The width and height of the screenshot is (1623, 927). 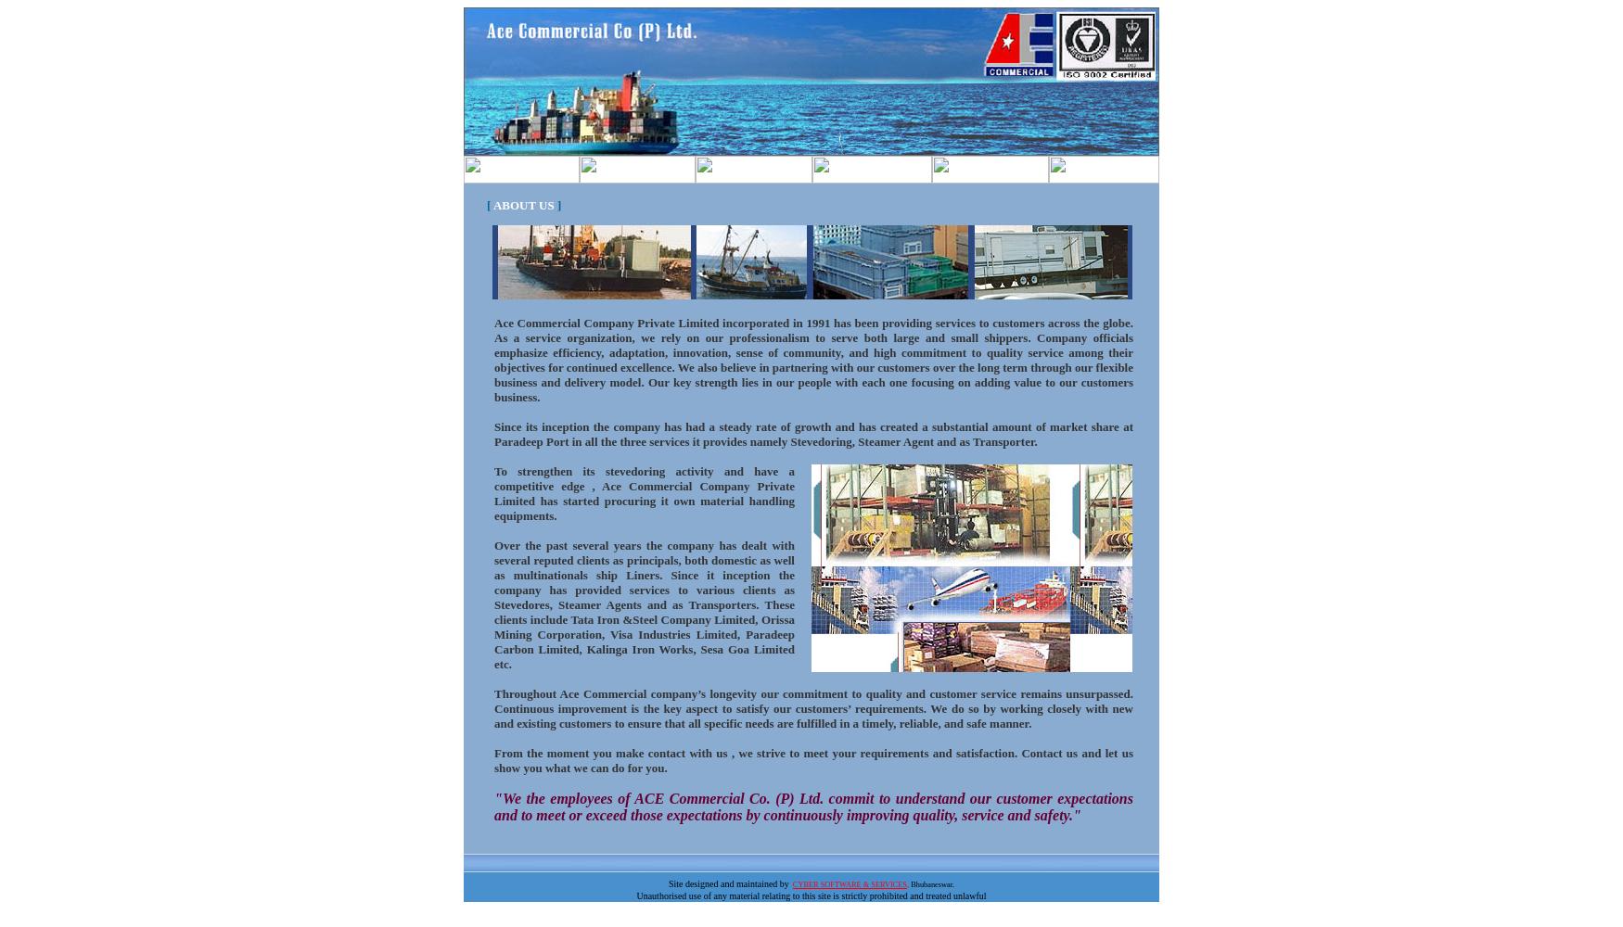 What do you see at coordinates (931, 883) in the screenshot?
I see `'Bhubaneswar.'` at bounding box center [931, 883].